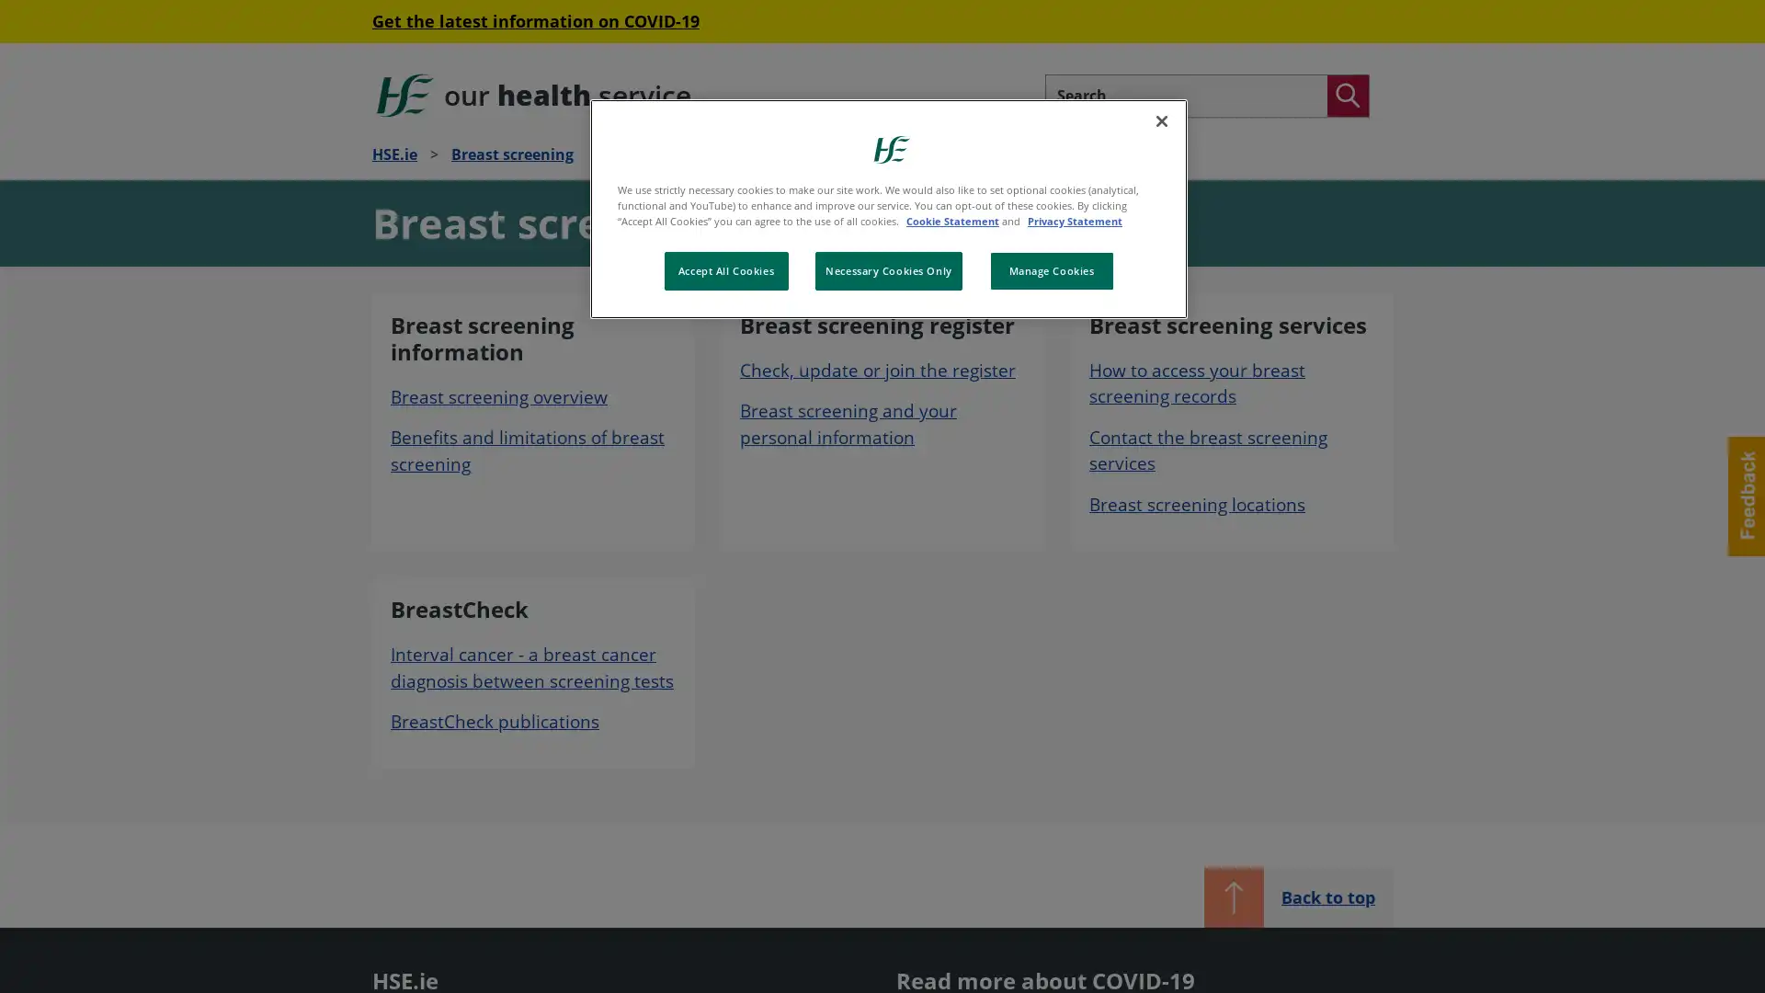 The image size is (1765, 993). I want to click on Necessary Cookies Only, so click(888, 270).